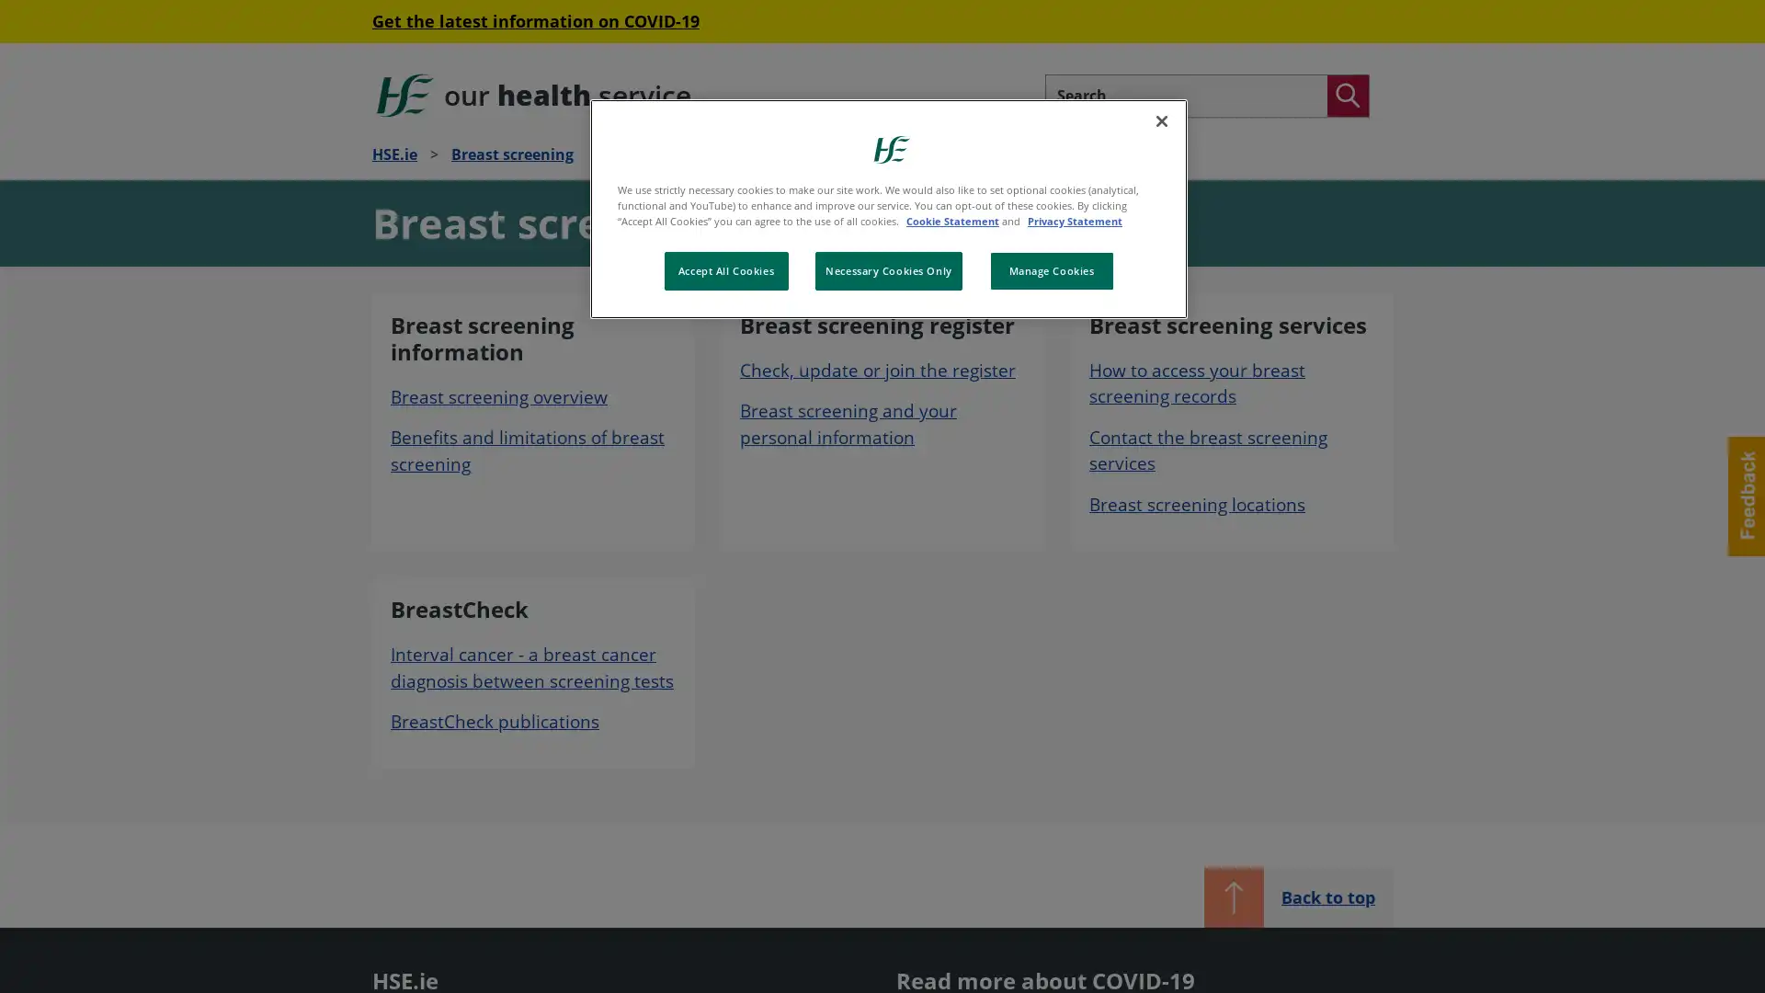 The image size is (1765, 993). I want to click on Necessary Cookies Only, so click(888, 270).